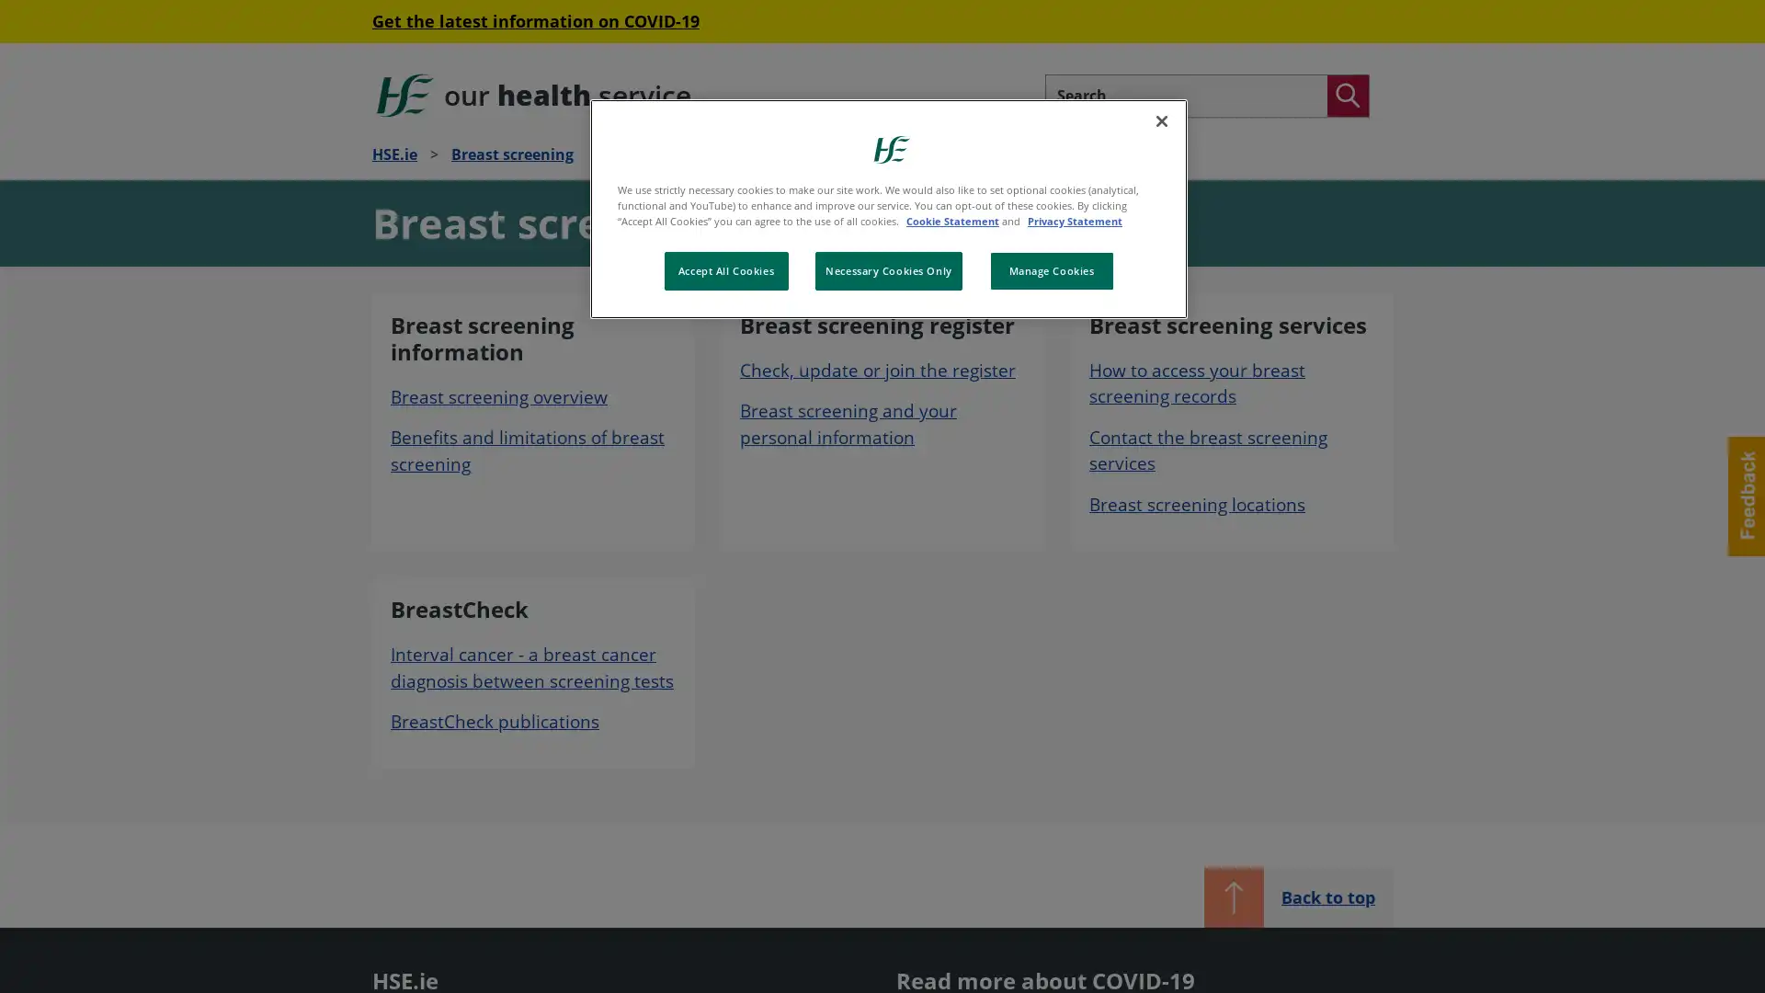 The image size is (1765, 993). I want to click on Necessary Cookies Only, so click(888, 270).